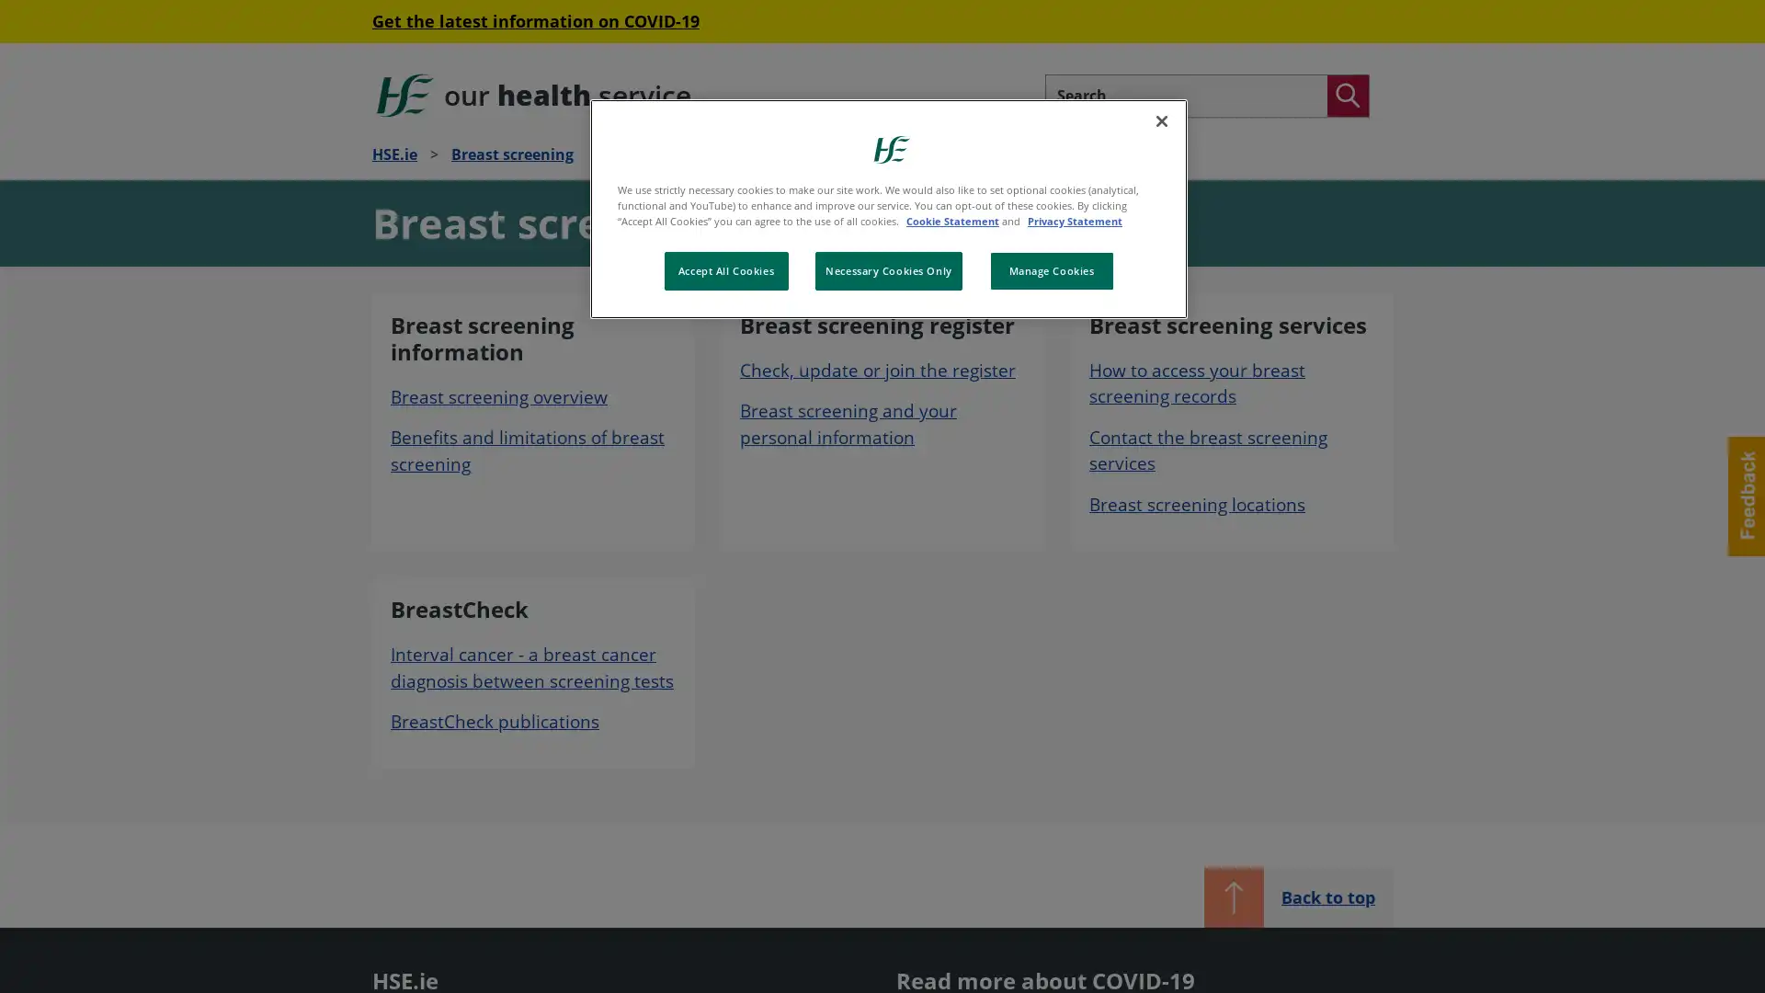 The image size is (1765, 993). I want to click on Necessary Cookies Only, so click(888, 270).